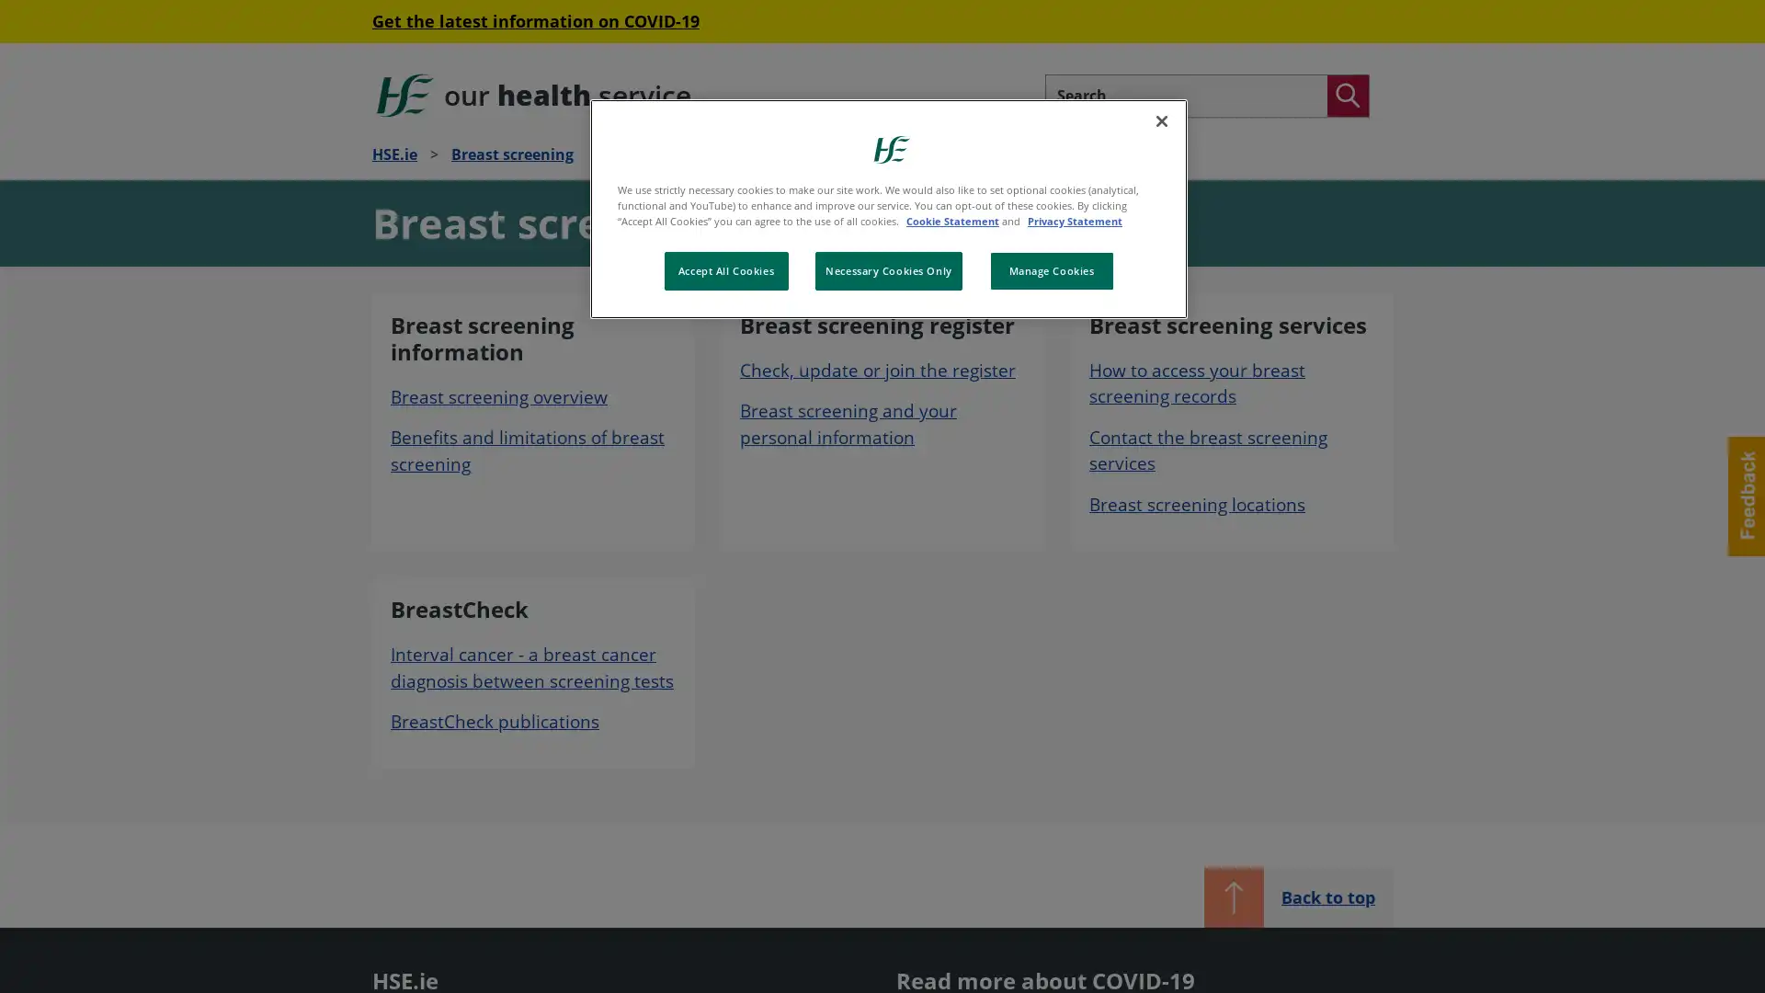 The image size is (1765, 993). I want to click on Necessary Cookies Only, so click(888, 270).